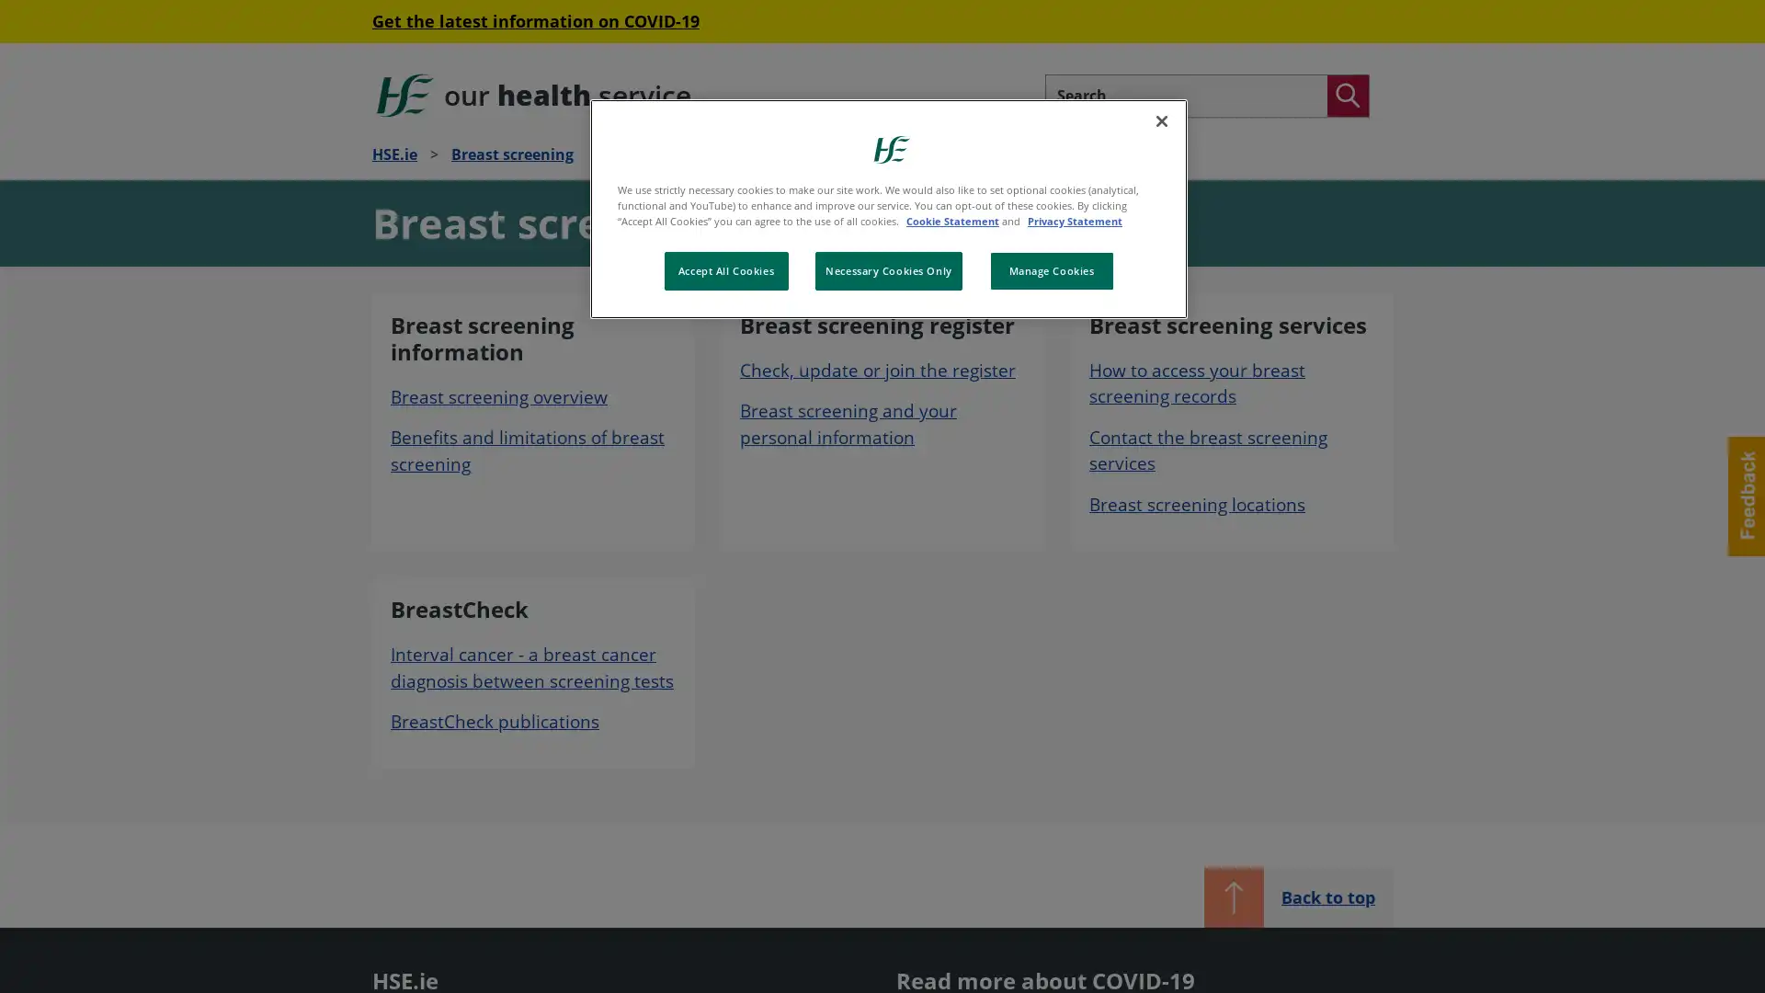 The image size is (1765, 993). I want to click on Necessary Cookies Only, so click(888, 270).